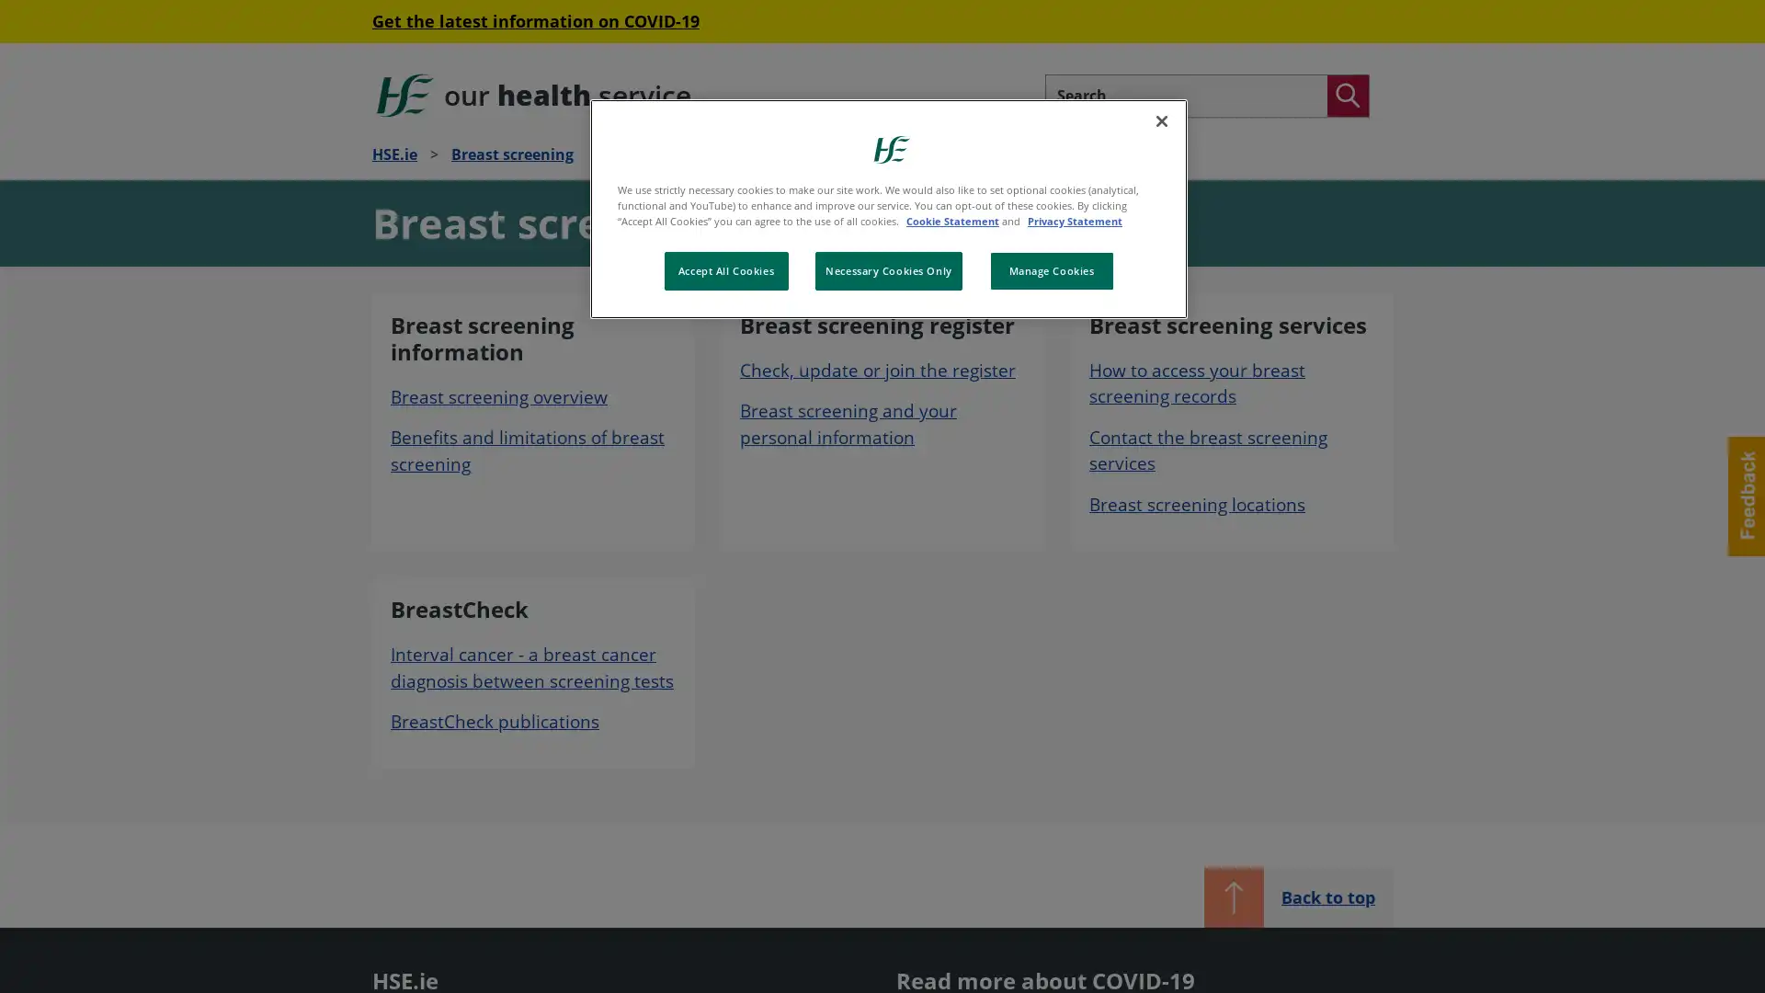 The image size is (1765, 993). I want to click on Necessary Cookies Only, so click(888, 270).